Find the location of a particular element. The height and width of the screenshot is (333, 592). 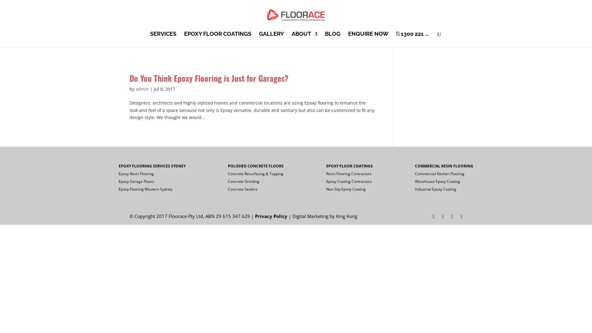

'Epoxy Coating Contractors' is located at coordinates (349, 181).